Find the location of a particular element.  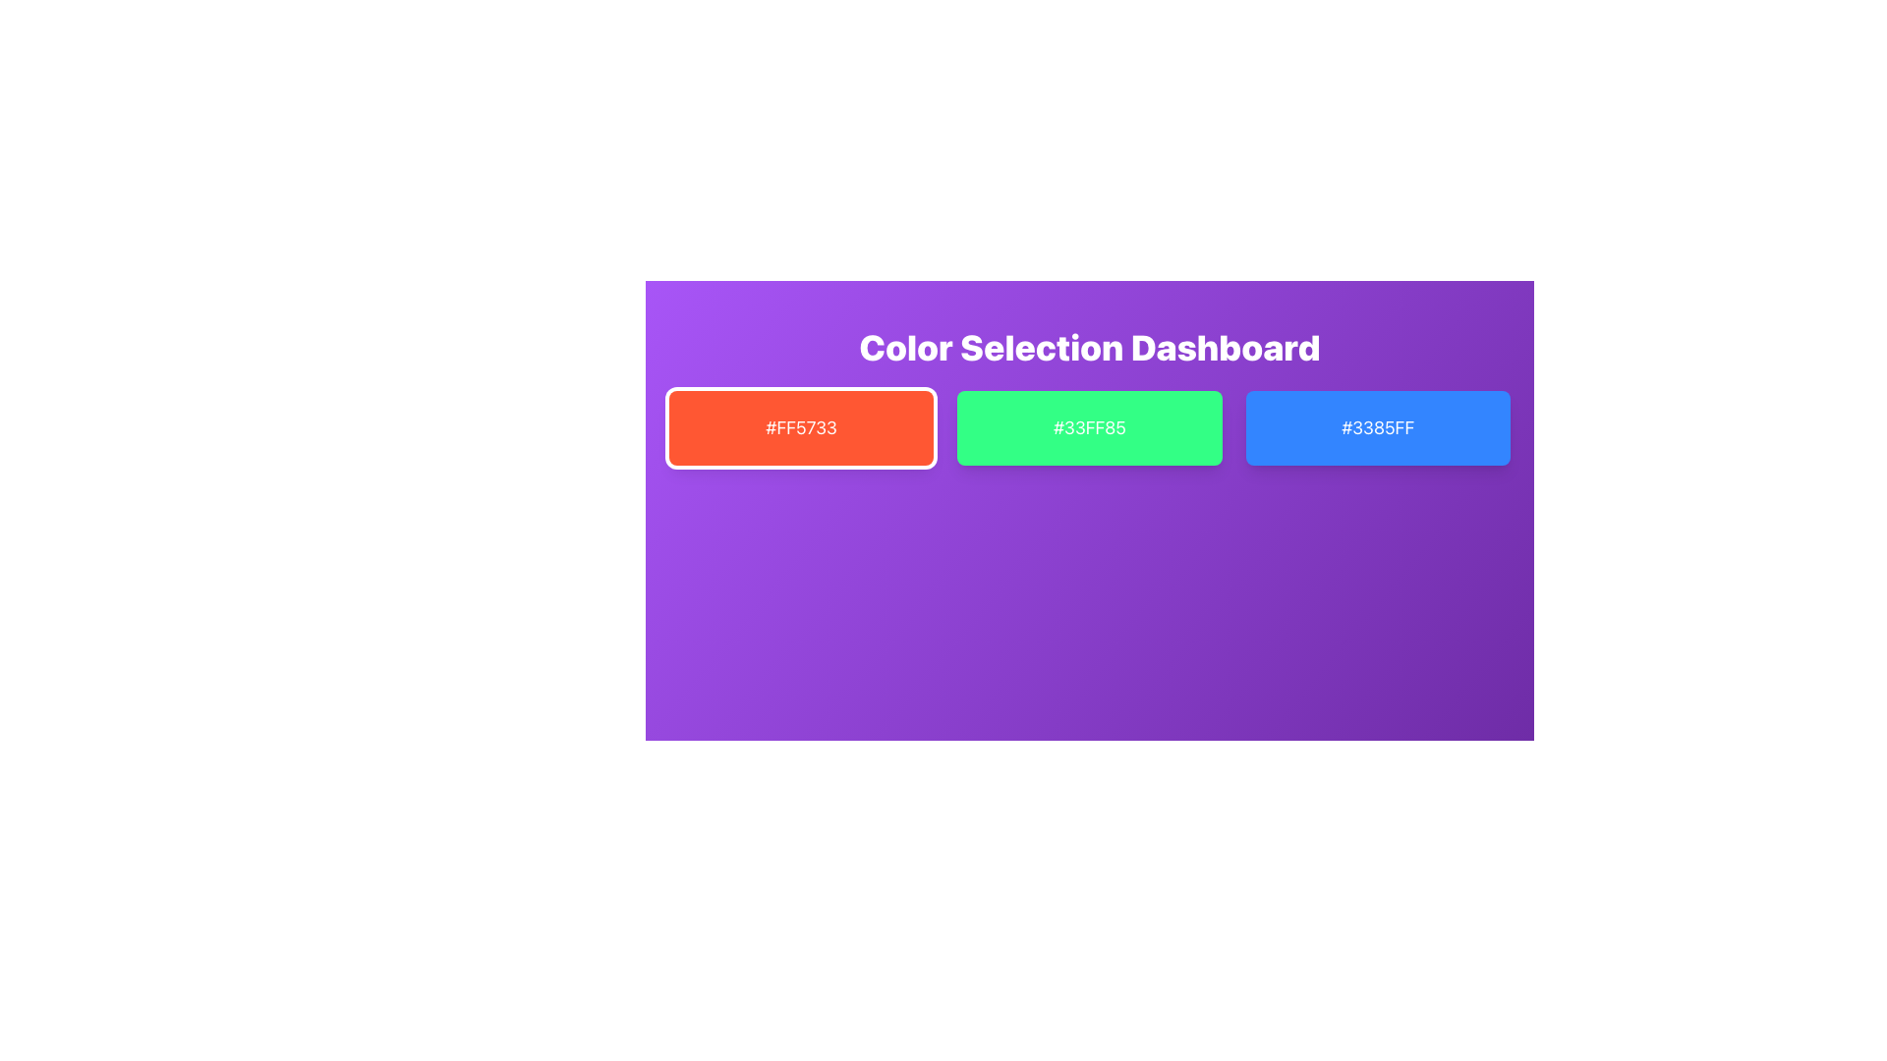

the color selection button for the color '#3385FF', which is the third rectangular button in a row of three buttons is located at coordinates (1377, 426).